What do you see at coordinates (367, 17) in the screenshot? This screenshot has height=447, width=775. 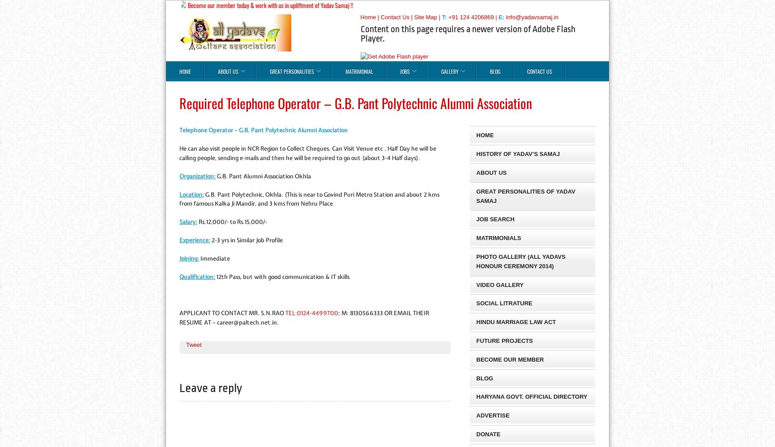 I see `'Home'` at bounding box center [367, 17].